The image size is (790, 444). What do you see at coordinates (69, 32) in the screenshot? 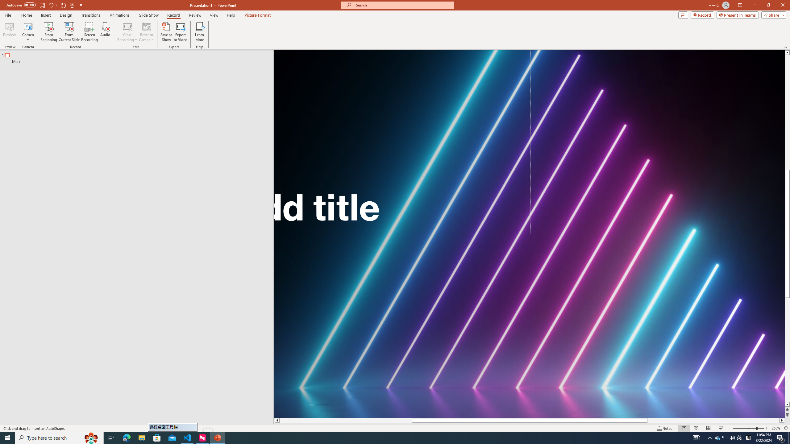
I see `'From Current Slide...'` at bounding box center [69, 32].